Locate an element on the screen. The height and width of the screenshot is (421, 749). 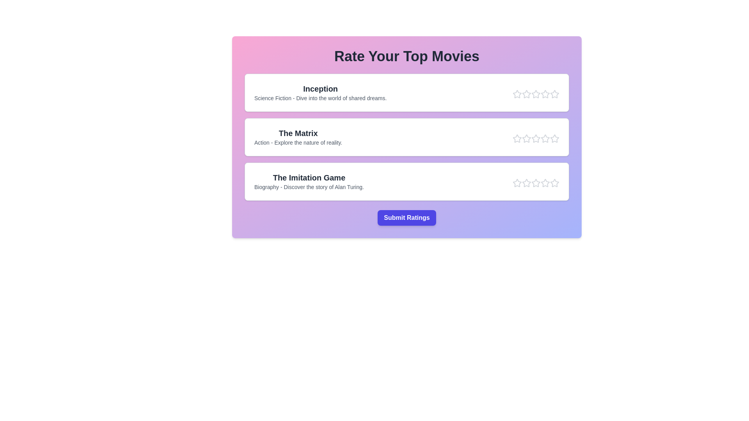
the movie title or description of The Imitation Game is located at coordinates (309, 177).